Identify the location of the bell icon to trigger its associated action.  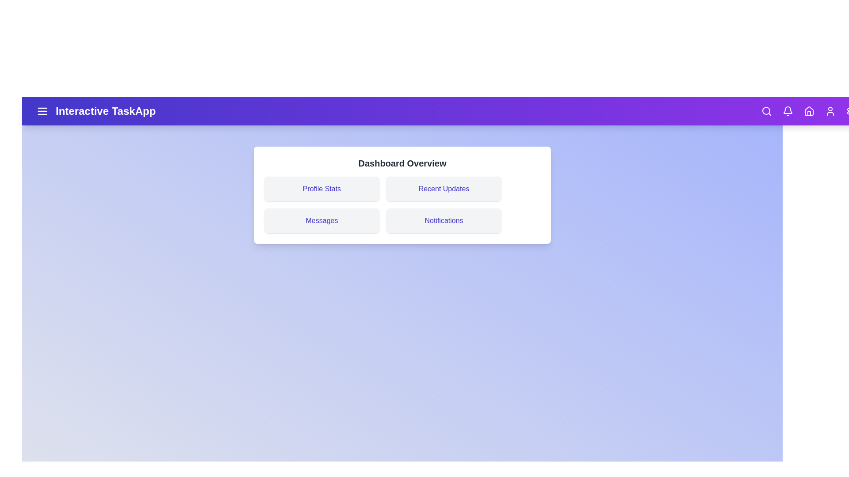
(788, 110).